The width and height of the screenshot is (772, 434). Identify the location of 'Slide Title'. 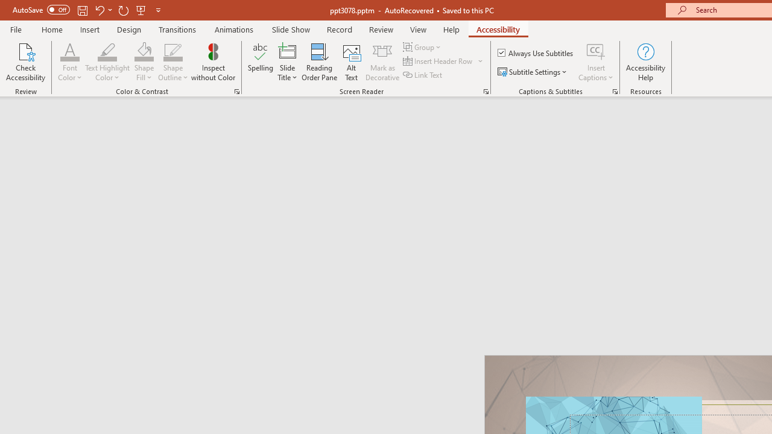
(286, 51).